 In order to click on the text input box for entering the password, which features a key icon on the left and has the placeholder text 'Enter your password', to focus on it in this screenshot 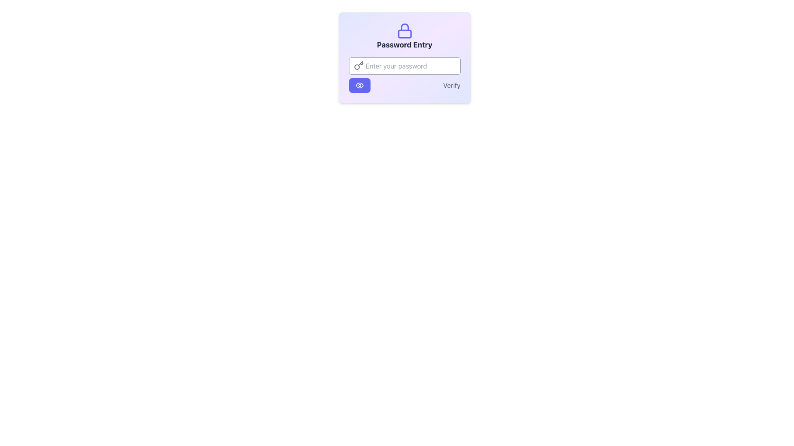, I will do `click(404, 75)`.